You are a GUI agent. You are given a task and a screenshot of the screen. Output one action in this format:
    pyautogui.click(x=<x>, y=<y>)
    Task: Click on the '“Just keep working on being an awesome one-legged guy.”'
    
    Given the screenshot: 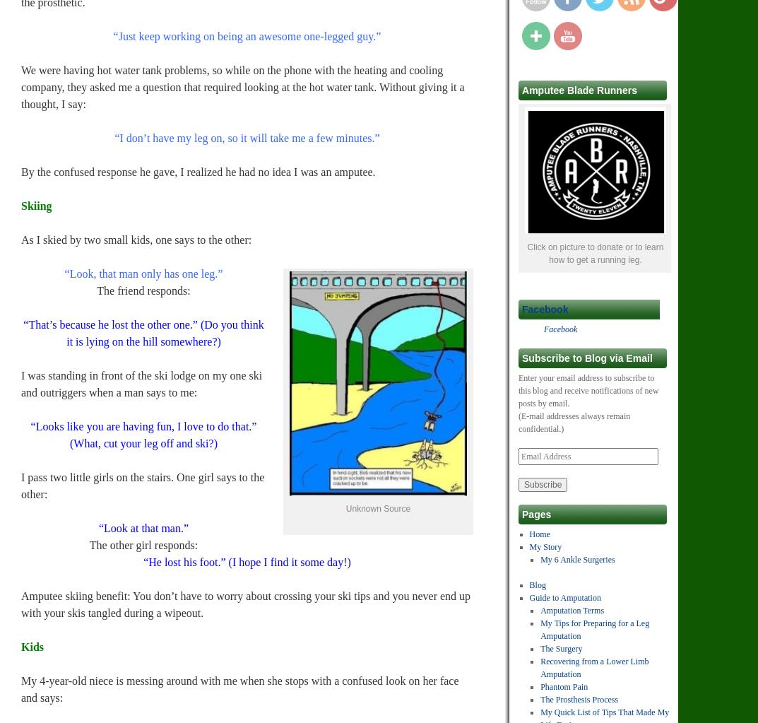 What is the action you would take?
    pyautogui.click(x=247, y=35)
    